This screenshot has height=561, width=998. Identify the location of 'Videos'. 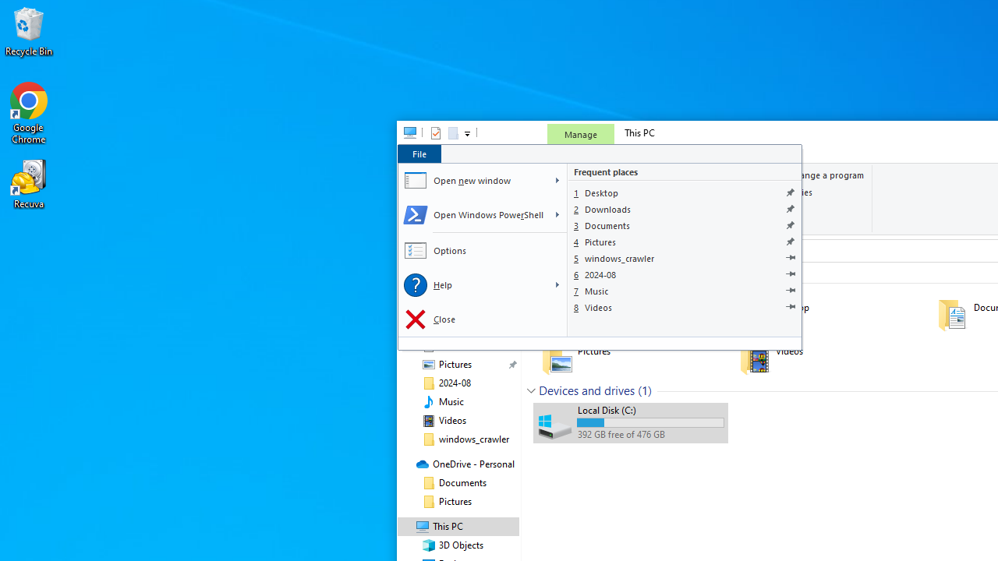
(685, 307).